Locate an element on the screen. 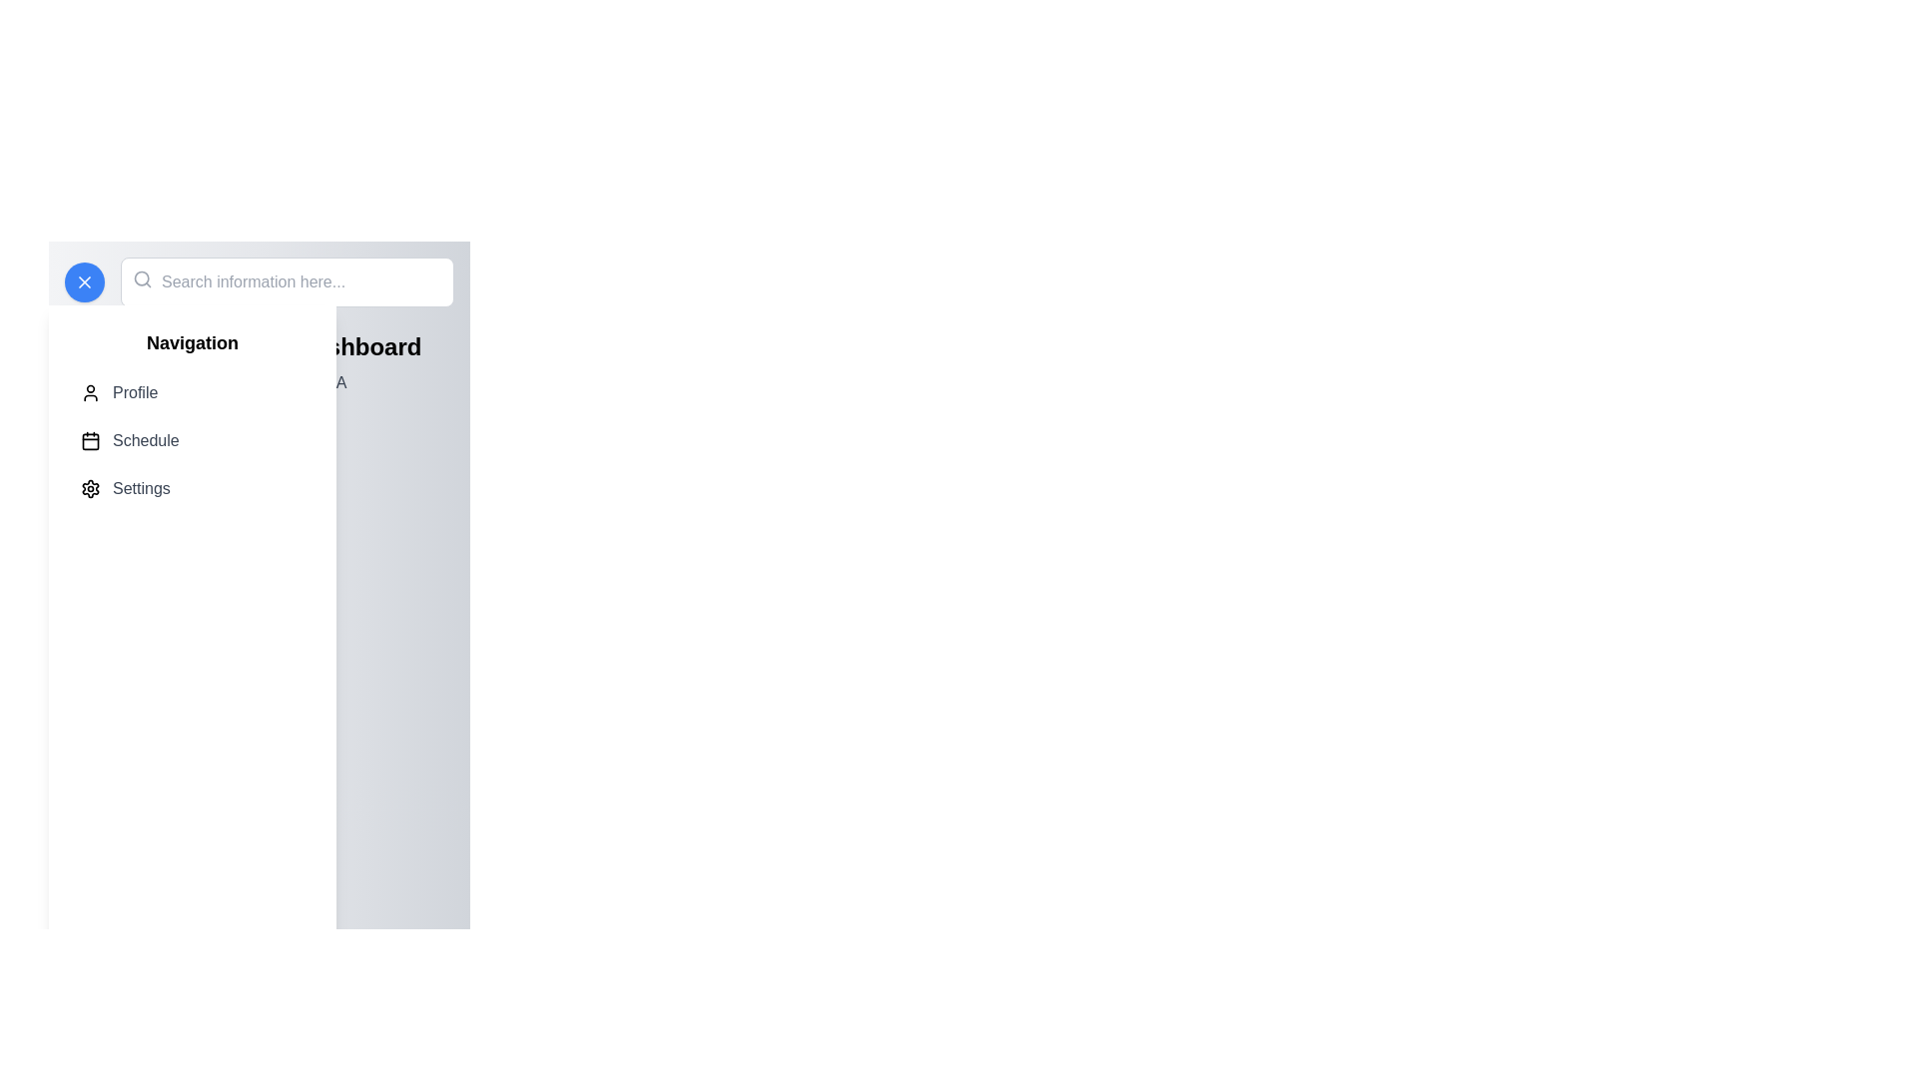 The width and height of the screenshot is (1917, 1078). the search feature icon located at the top-left corner of the search bar input field is located at coordinates (142, 279).